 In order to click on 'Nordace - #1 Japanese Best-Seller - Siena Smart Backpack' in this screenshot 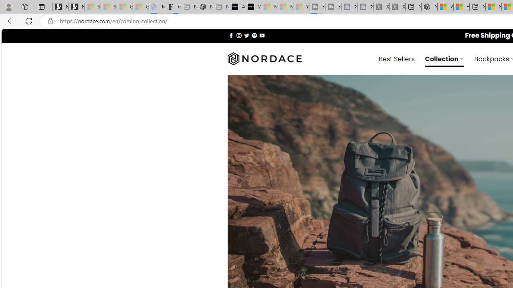, I will do `click(205, 7)`.